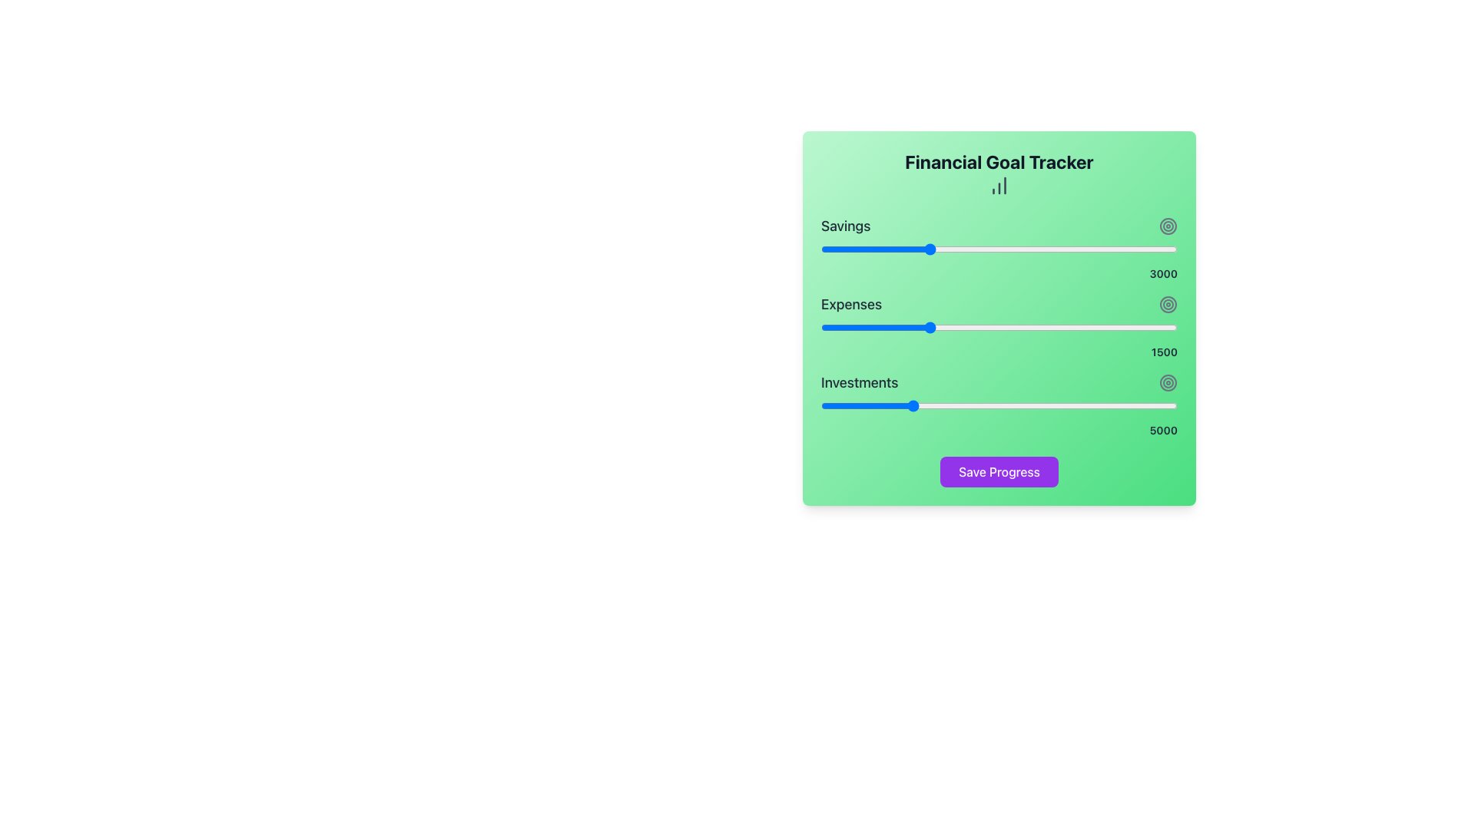  Describe the element at coordinates (976, 248) in the screenshot. I see `the Savings slider` at that location.